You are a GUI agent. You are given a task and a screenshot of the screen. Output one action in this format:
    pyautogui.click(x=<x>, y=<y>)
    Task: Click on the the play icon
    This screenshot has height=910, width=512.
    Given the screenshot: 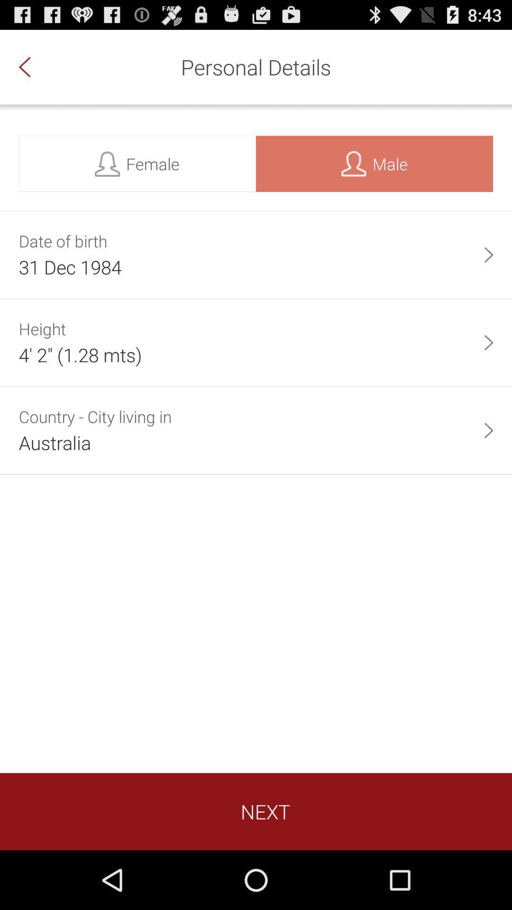 What is the action you would take?
    pyautogui.click(x=488, y=272)
    